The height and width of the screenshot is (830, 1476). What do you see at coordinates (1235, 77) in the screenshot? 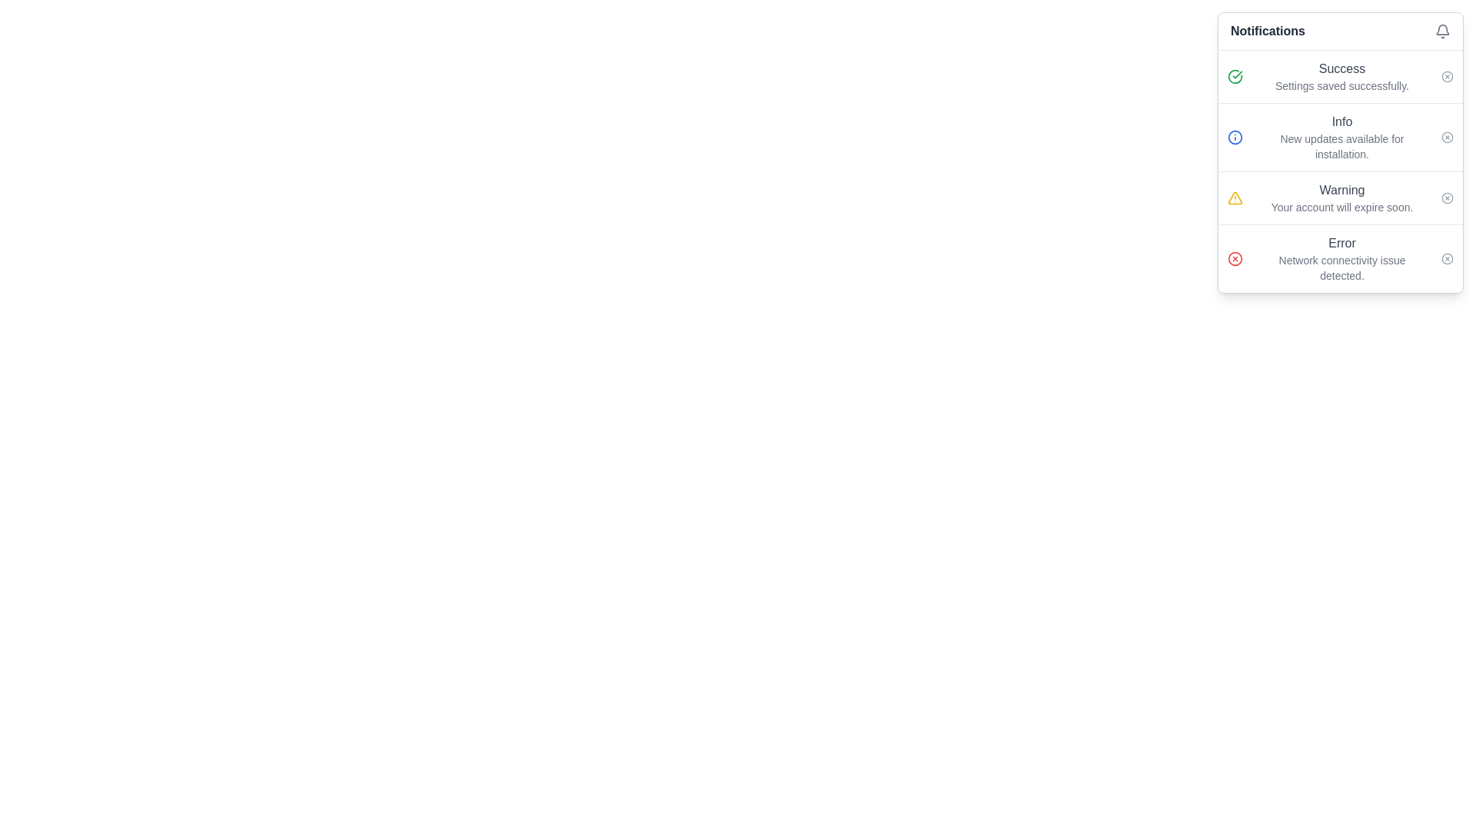
I see `the green circular icon with a check mark located in the top position of the notification list items within the notification panel, next to the 'Success' text` at bounding box center [1235, 77].